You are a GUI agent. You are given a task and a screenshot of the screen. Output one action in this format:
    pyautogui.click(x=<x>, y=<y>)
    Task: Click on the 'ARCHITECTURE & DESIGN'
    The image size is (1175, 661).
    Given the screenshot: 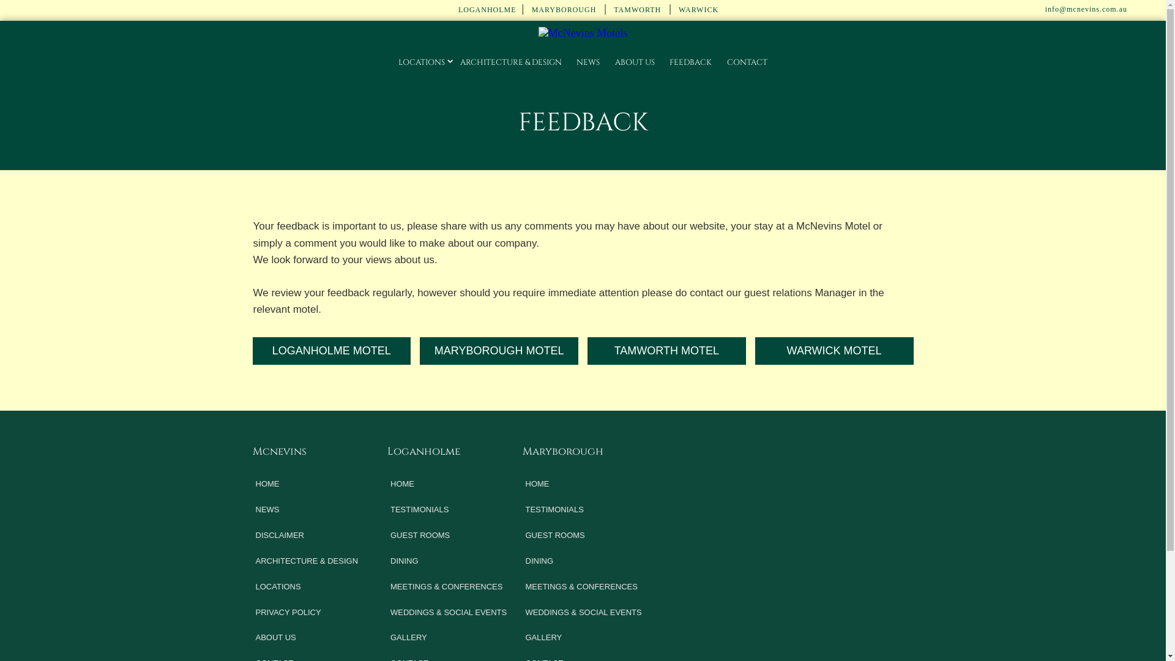 What is the action you would take?
    pyautogui.click(x=511, y=62)
    